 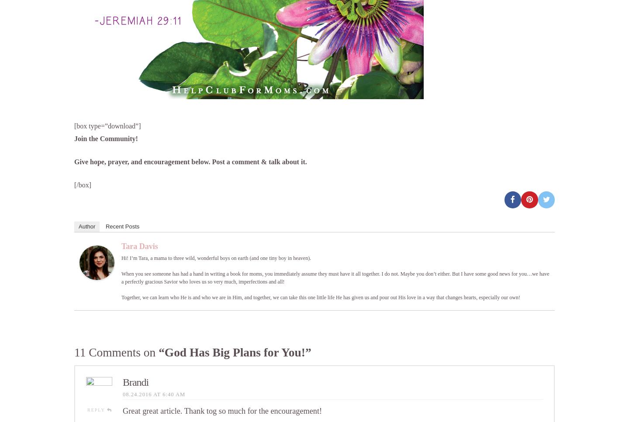 I want to click on 'Brandi', so click(x=122, y=382).